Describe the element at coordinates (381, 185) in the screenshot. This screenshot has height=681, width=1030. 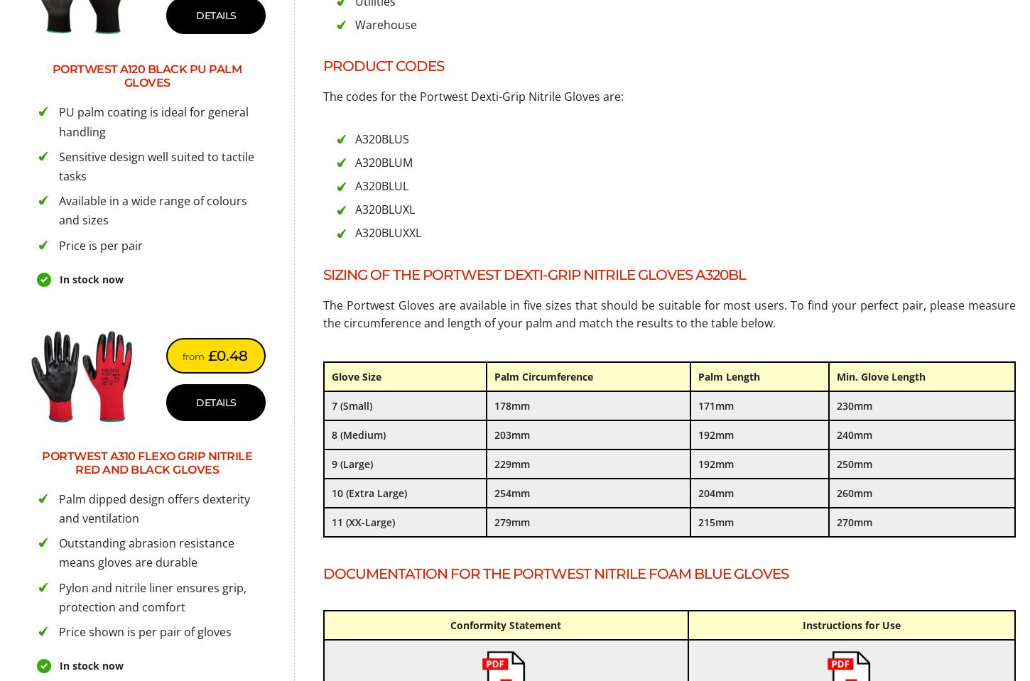
I see `'A320BLUL'` at that location.